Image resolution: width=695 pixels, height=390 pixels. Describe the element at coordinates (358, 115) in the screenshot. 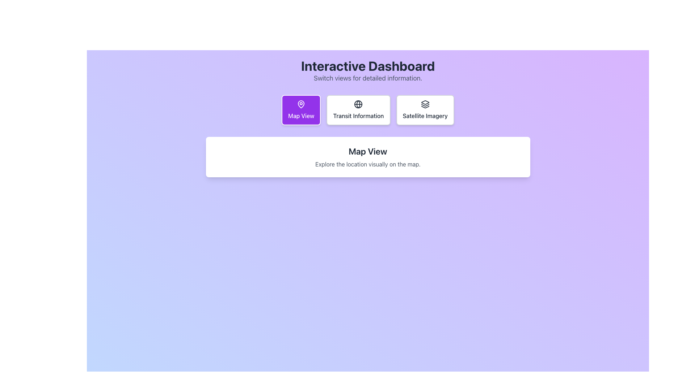

I see `the descriptive text label within the center button of the three-button group, which indicates its function related` at that location.